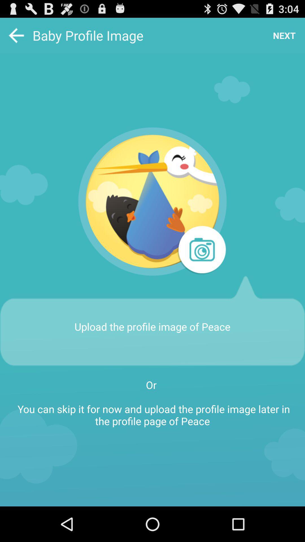  Describe the element at coordinates (201, 250) in the screenshot. I see `photo` at that location.